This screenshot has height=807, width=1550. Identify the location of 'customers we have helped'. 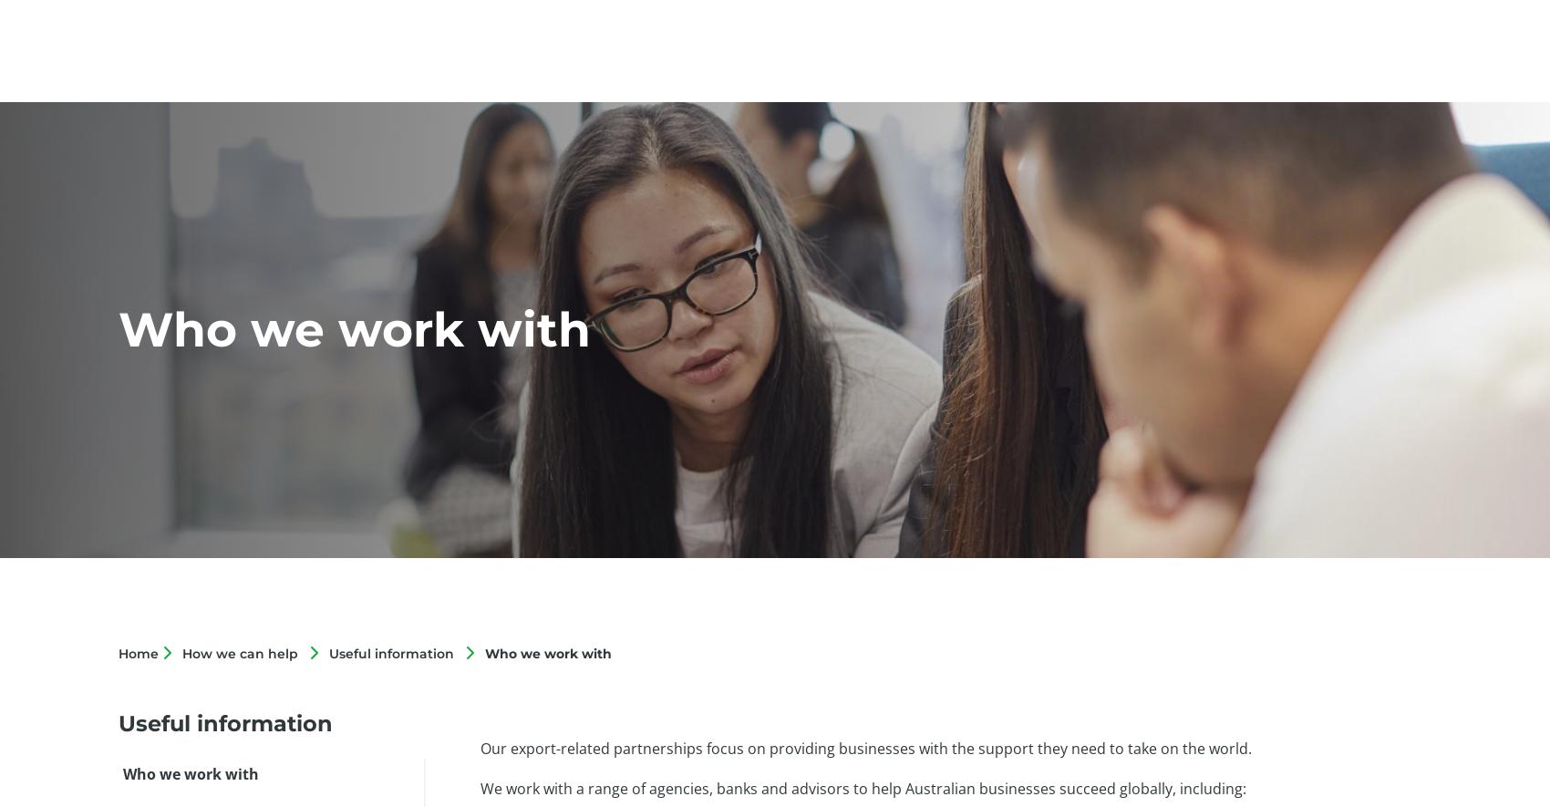
(681, 714).